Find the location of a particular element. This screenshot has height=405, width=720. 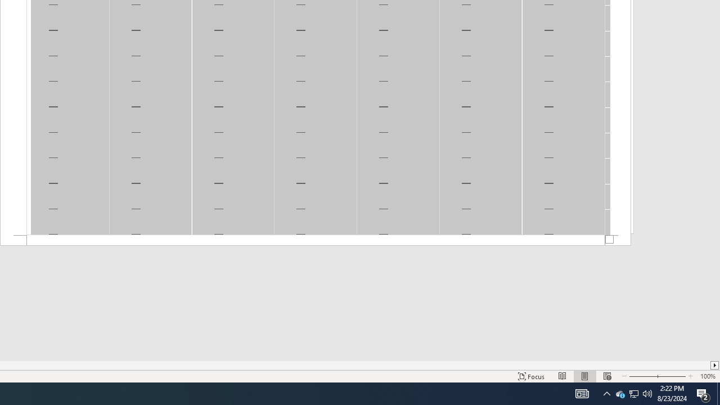

'Column right' is located at coordinates (714, 365).